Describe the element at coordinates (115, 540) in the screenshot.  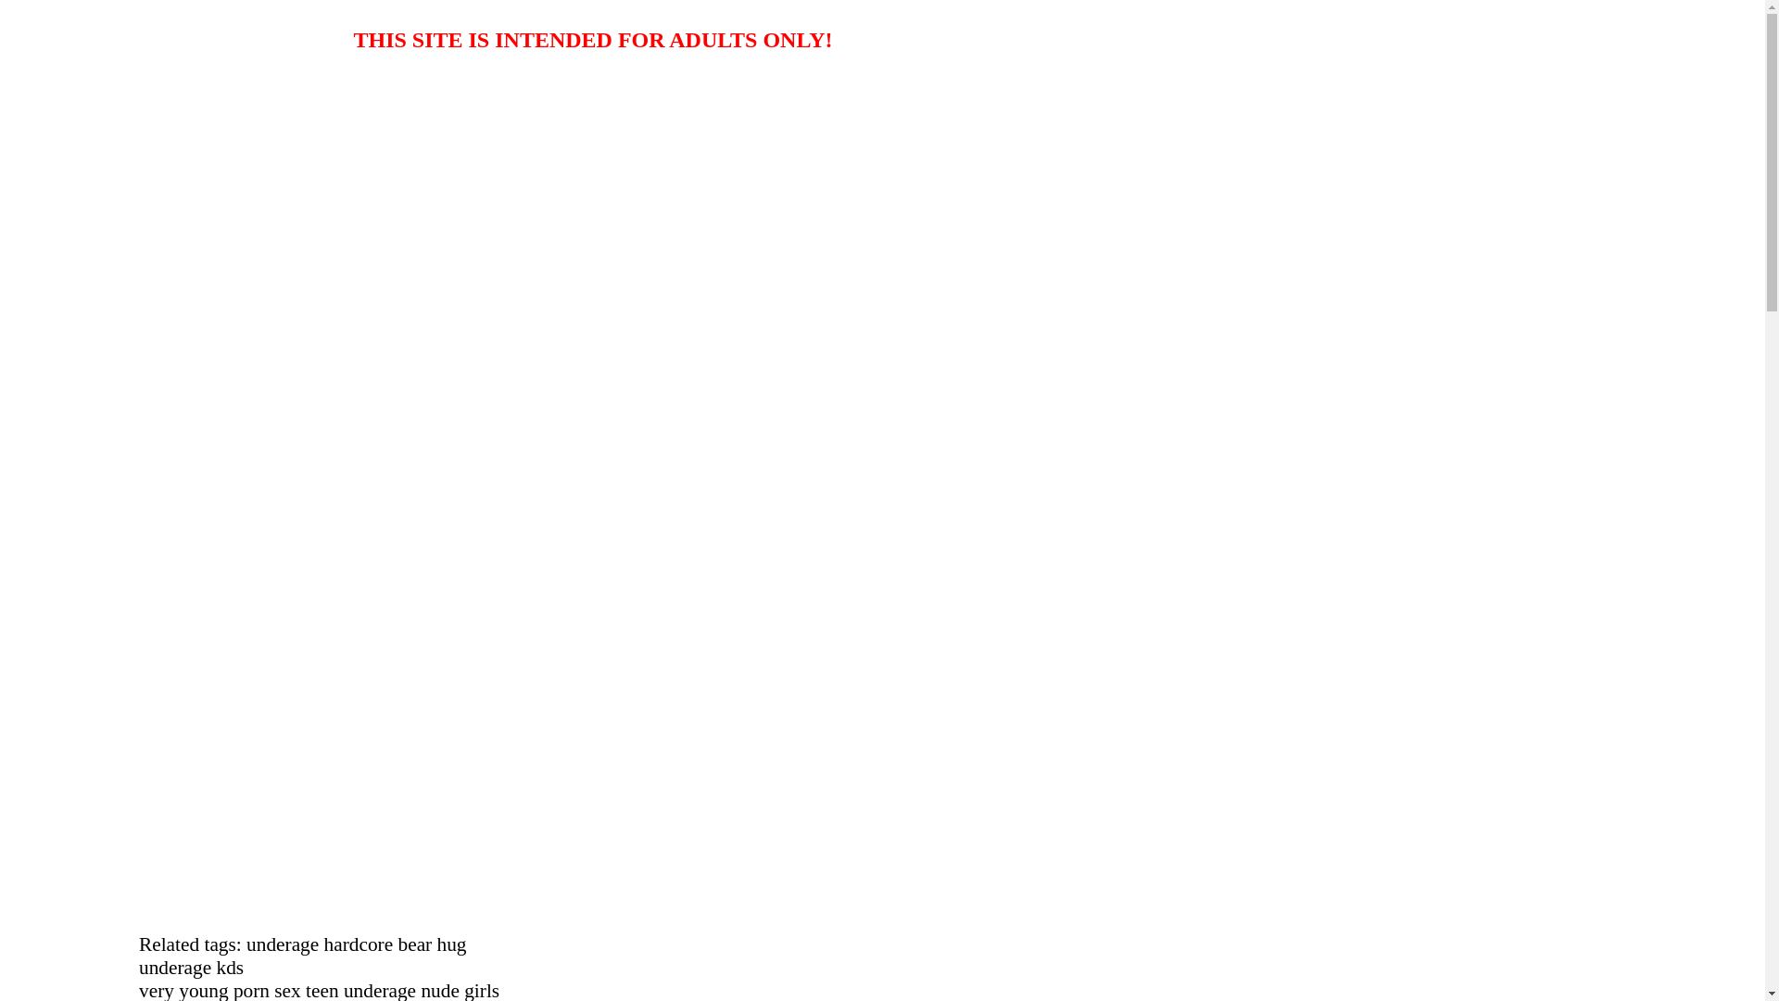
I see `'2011/02 (1)'` at that location.